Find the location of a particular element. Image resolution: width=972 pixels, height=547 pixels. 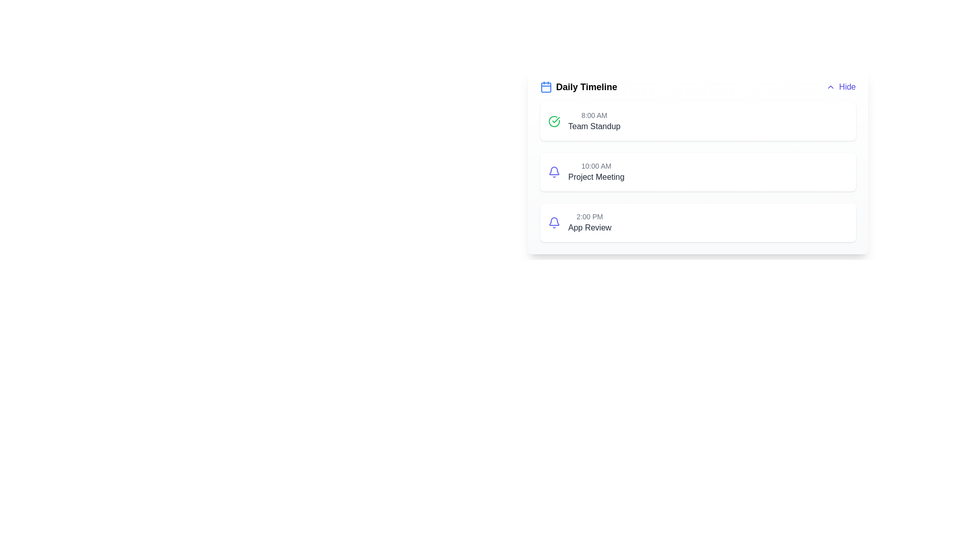

the Static Text indicating the scheduled time for 'App Review', which is located in the bottom-most entry of the timeline interface, aligned to the left of the 'App Review' label is located at coordinates (590, 216).